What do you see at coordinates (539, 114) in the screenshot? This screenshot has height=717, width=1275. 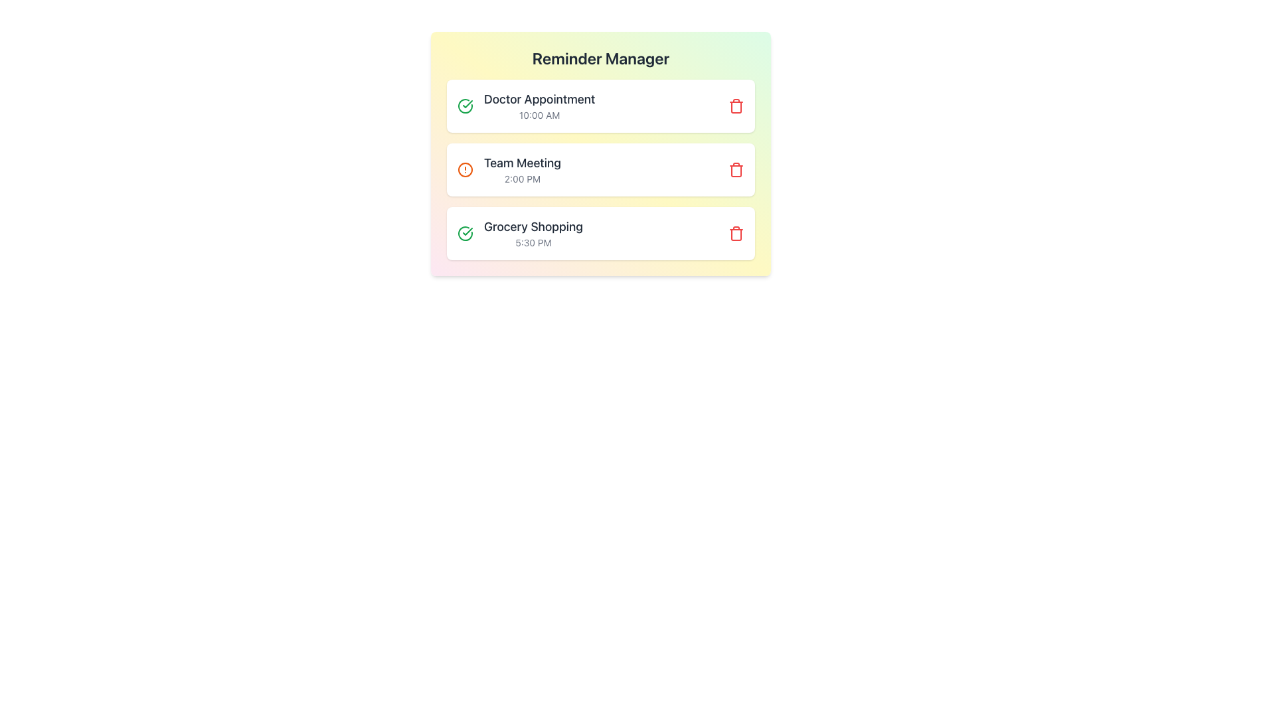 I see `the static text label displaying '10:00 AM' which is positioned below 'Doctor Appointment' in the first reminder card` at bounding box center [539, 114].